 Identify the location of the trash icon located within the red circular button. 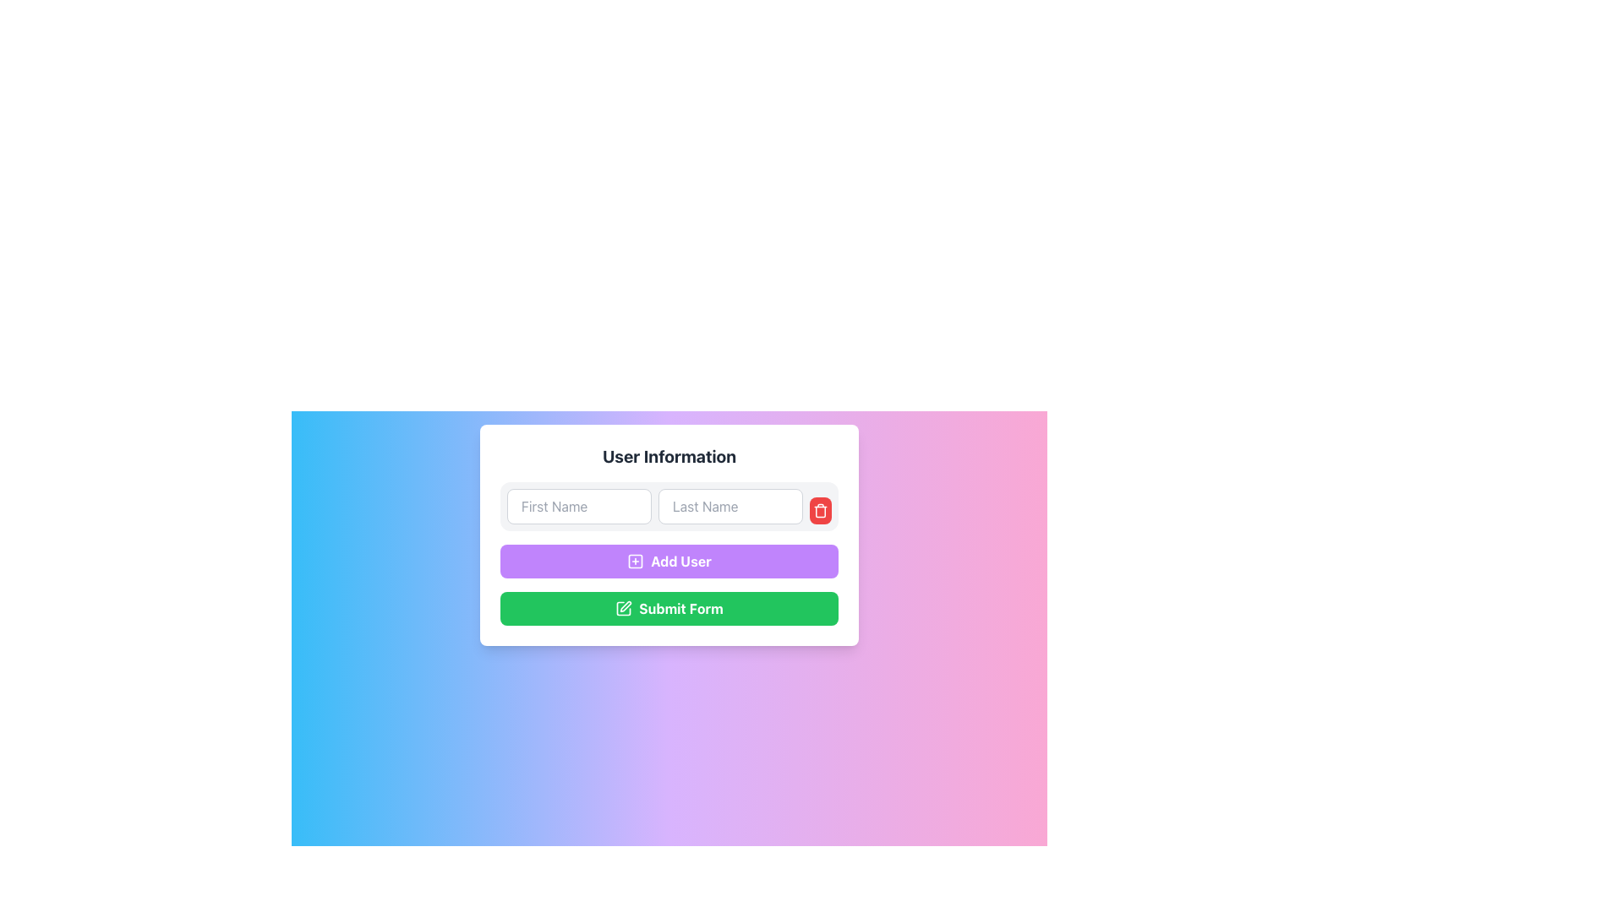
(820, 510).